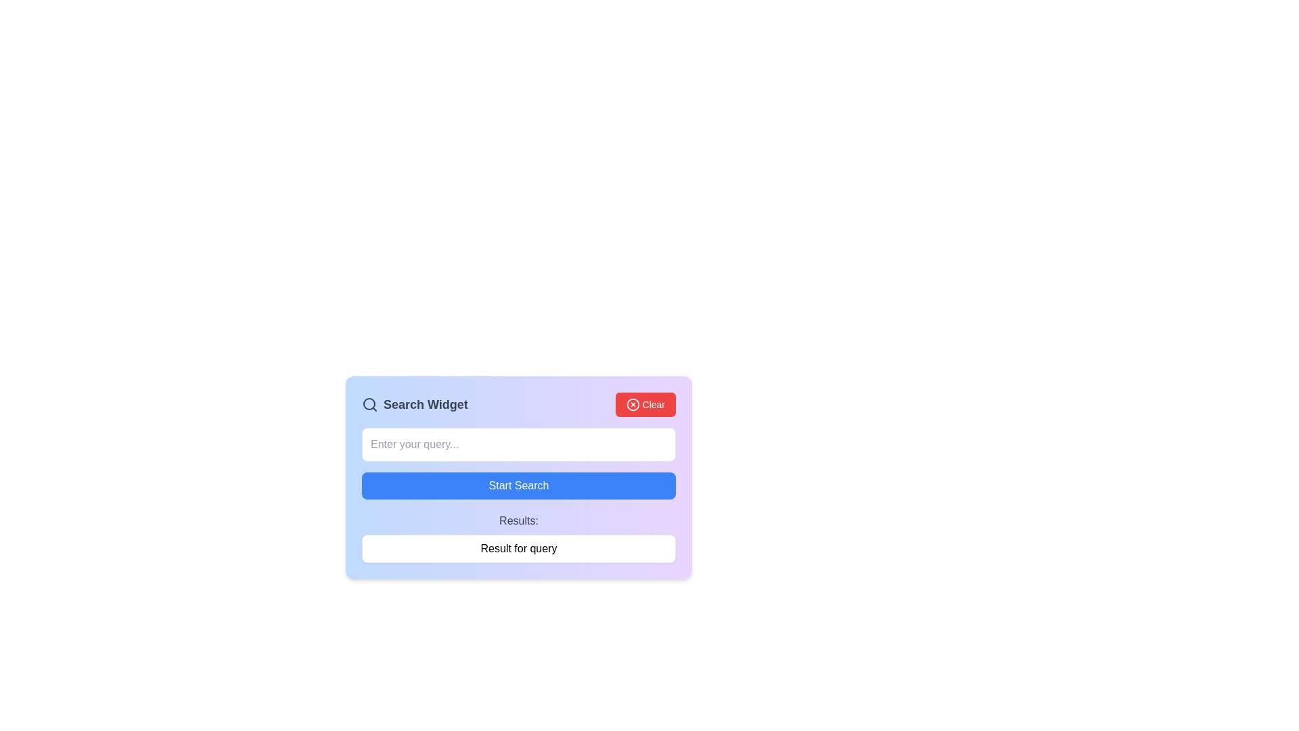 The width and height of the screenshot is (1299, 731). I want to click on displayed text in the Text Display section located below the 'Start Search' button, which shows the results of a query, so click(518, 537).